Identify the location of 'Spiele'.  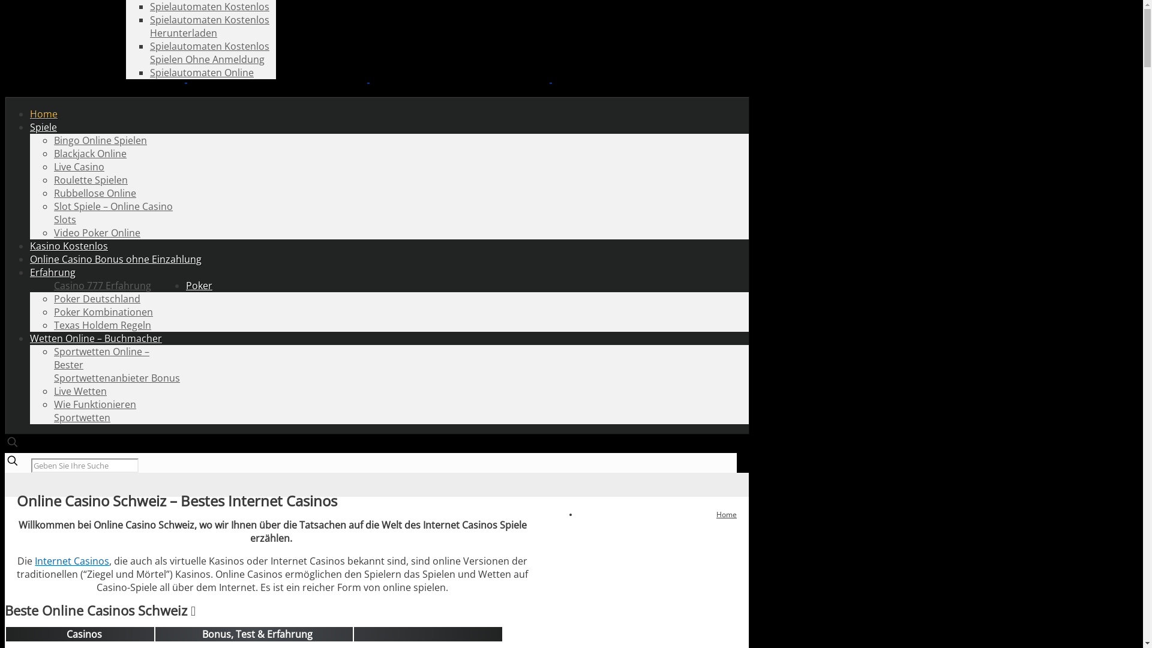
(43, 127).